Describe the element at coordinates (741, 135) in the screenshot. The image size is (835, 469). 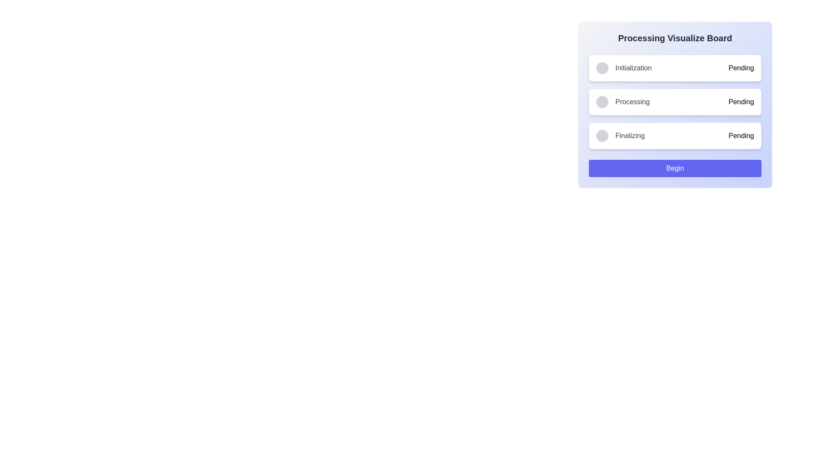
I see `the Static Label displaying the text 'Pending', which is positioned` at that location.